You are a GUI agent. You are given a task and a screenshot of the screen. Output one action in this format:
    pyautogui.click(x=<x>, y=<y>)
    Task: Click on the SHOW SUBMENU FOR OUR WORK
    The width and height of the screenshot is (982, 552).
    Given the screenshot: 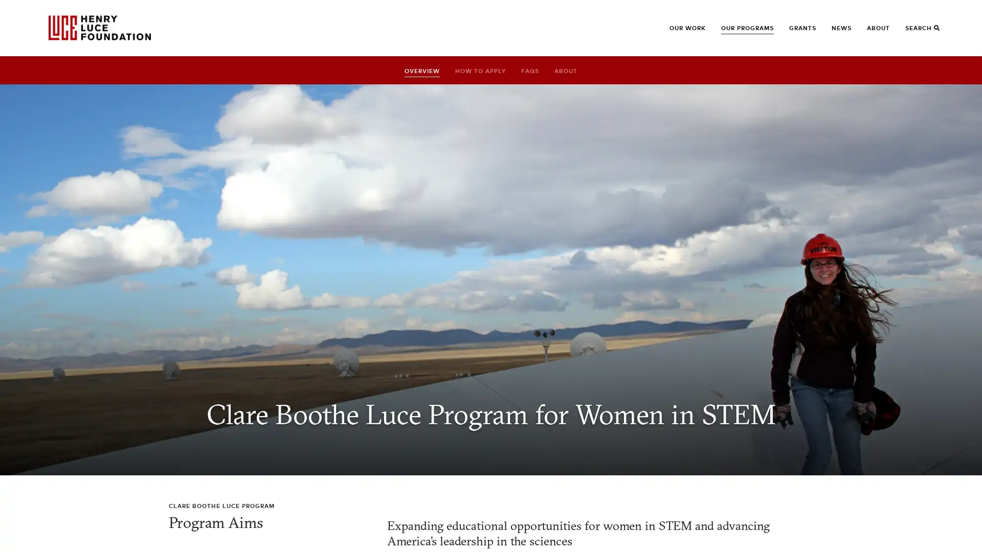 What is the action you would take?
    pyautogui.click(x=685, y=32)
    